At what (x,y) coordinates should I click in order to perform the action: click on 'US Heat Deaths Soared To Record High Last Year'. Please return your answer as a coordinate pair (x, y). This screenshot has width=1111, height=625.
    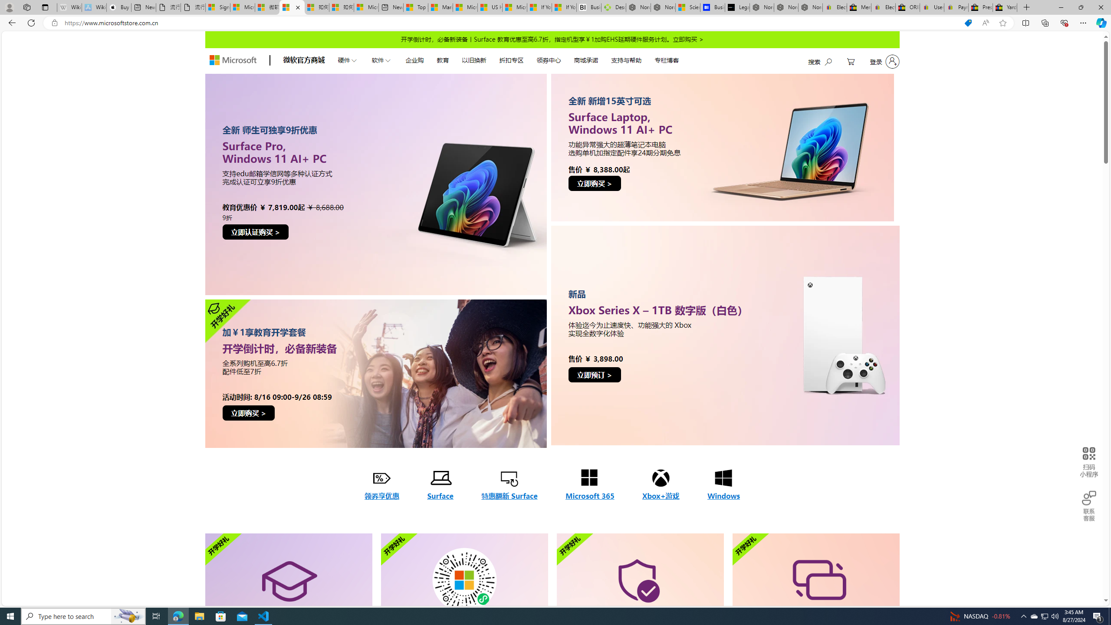
    Looking at the image, I should click on (490, 7).